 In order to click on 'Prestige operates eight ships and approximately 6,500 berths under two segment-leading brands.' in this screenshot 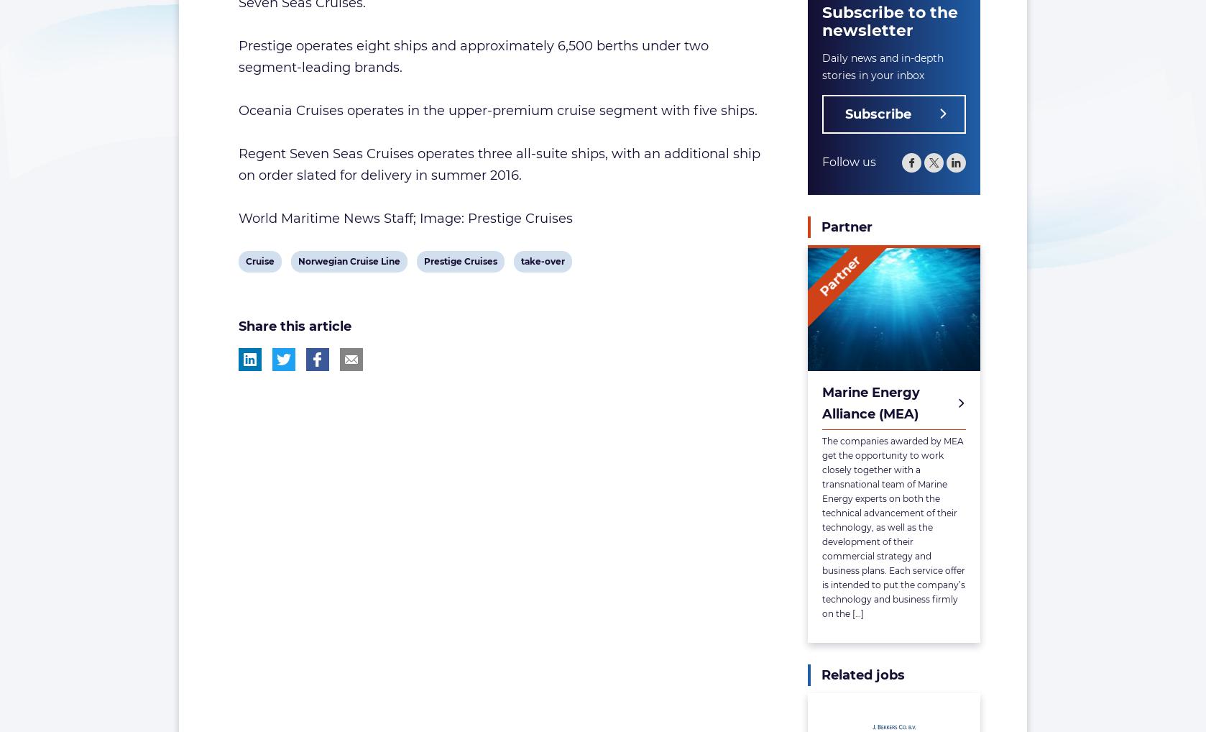, I will do `click(471, 56)`.